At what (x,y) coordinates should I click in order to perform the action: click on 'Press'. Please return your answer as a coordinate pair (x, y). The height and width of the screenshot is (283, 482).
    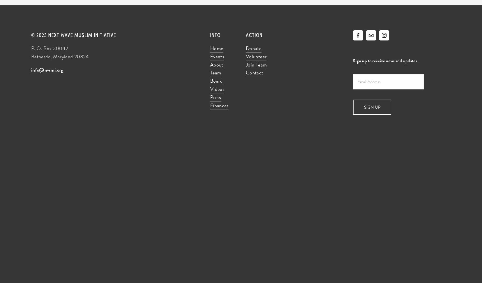
    Looking at the image, I should click on (215, 97).